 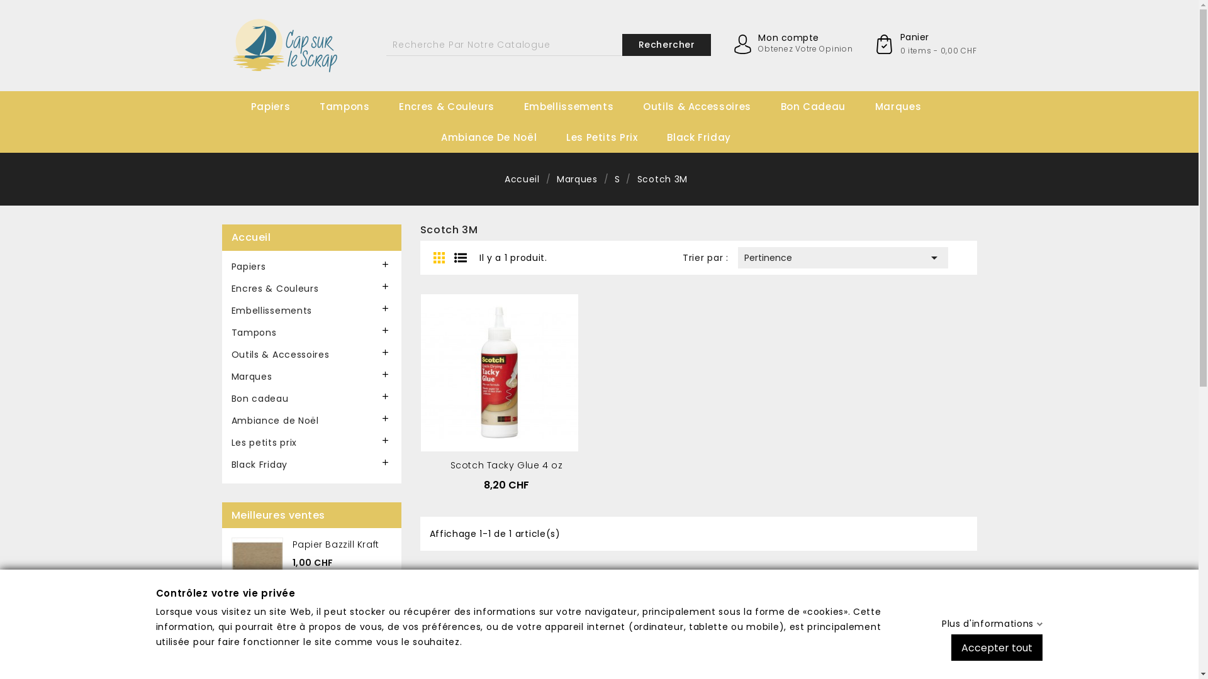 What do you see at coordinates (581, 106) in the screenshot?
I see `'Embellissements'` at bounding box center [581, 106].